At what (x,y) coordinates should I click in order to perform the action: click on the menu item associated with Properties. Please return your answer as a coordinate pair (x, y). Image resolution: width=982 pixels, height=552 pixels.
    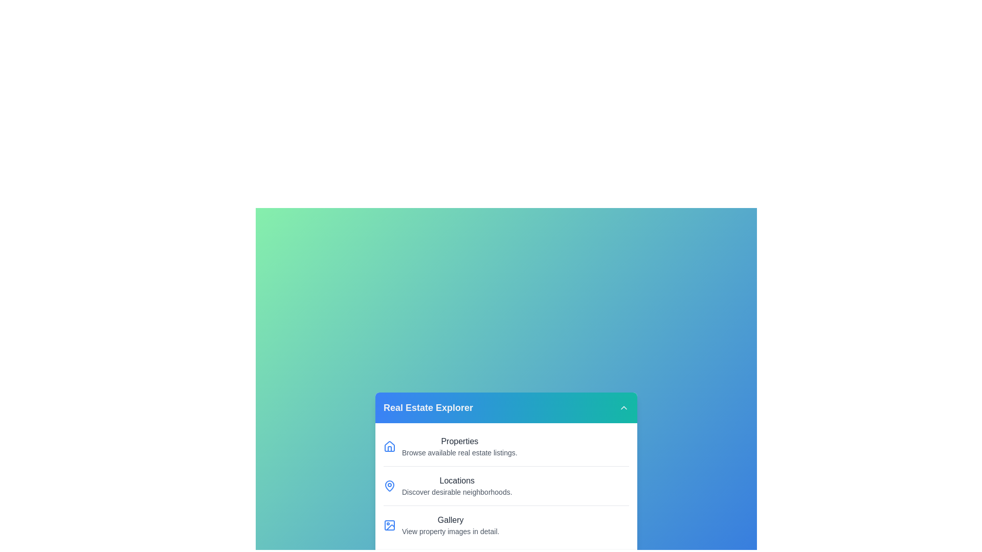
    Looking at the image, I should click on (389, 446).